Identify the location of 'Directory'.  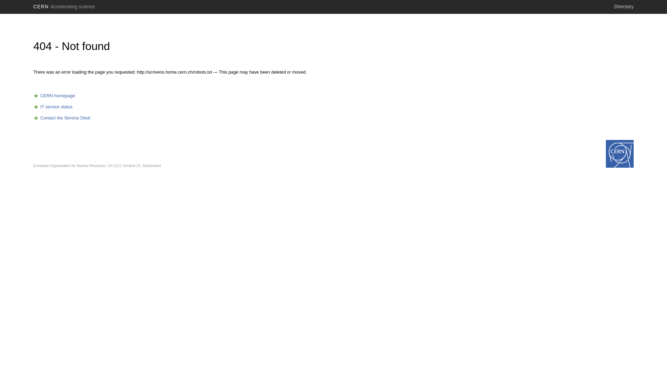
(624, 7).